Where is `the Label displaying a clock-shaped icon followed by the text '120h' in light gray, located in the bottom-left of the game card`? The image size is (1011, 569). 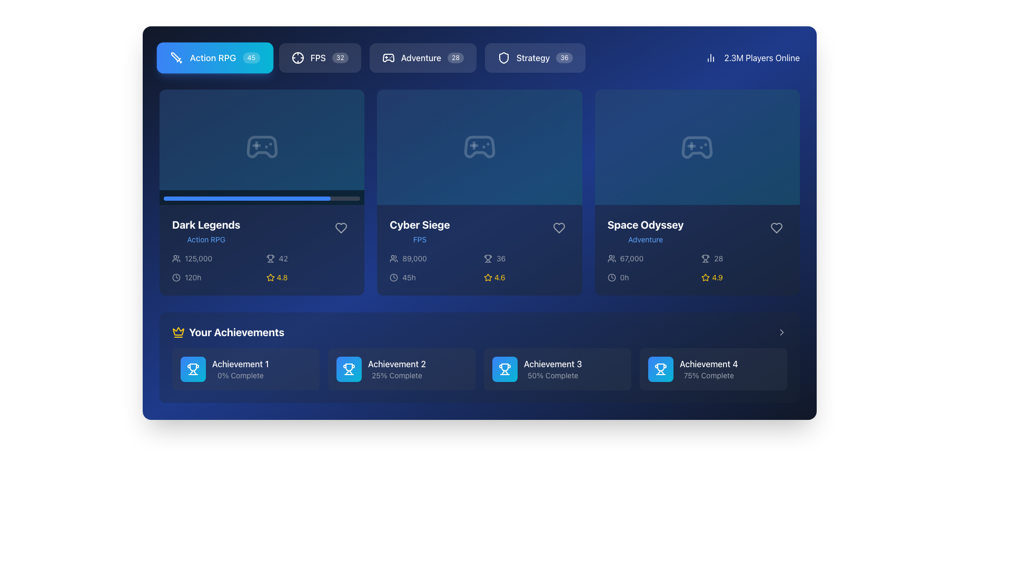
the Label displaying a clock-shaped icon followed by the text '120h' in light gray, located in the bottom-left of the game card is located at coordinates (214, 277).